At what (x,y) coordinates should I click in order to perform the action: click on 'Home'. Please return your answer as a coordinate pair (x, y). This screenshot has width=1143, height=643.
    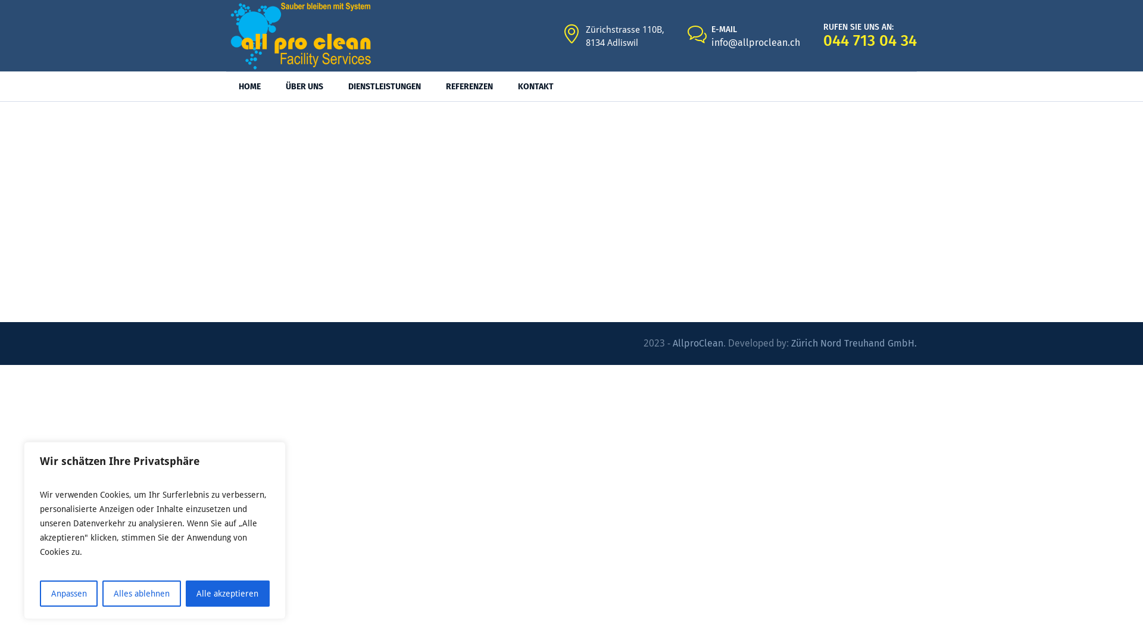
    Looking at the image, I should click on (533, 188).